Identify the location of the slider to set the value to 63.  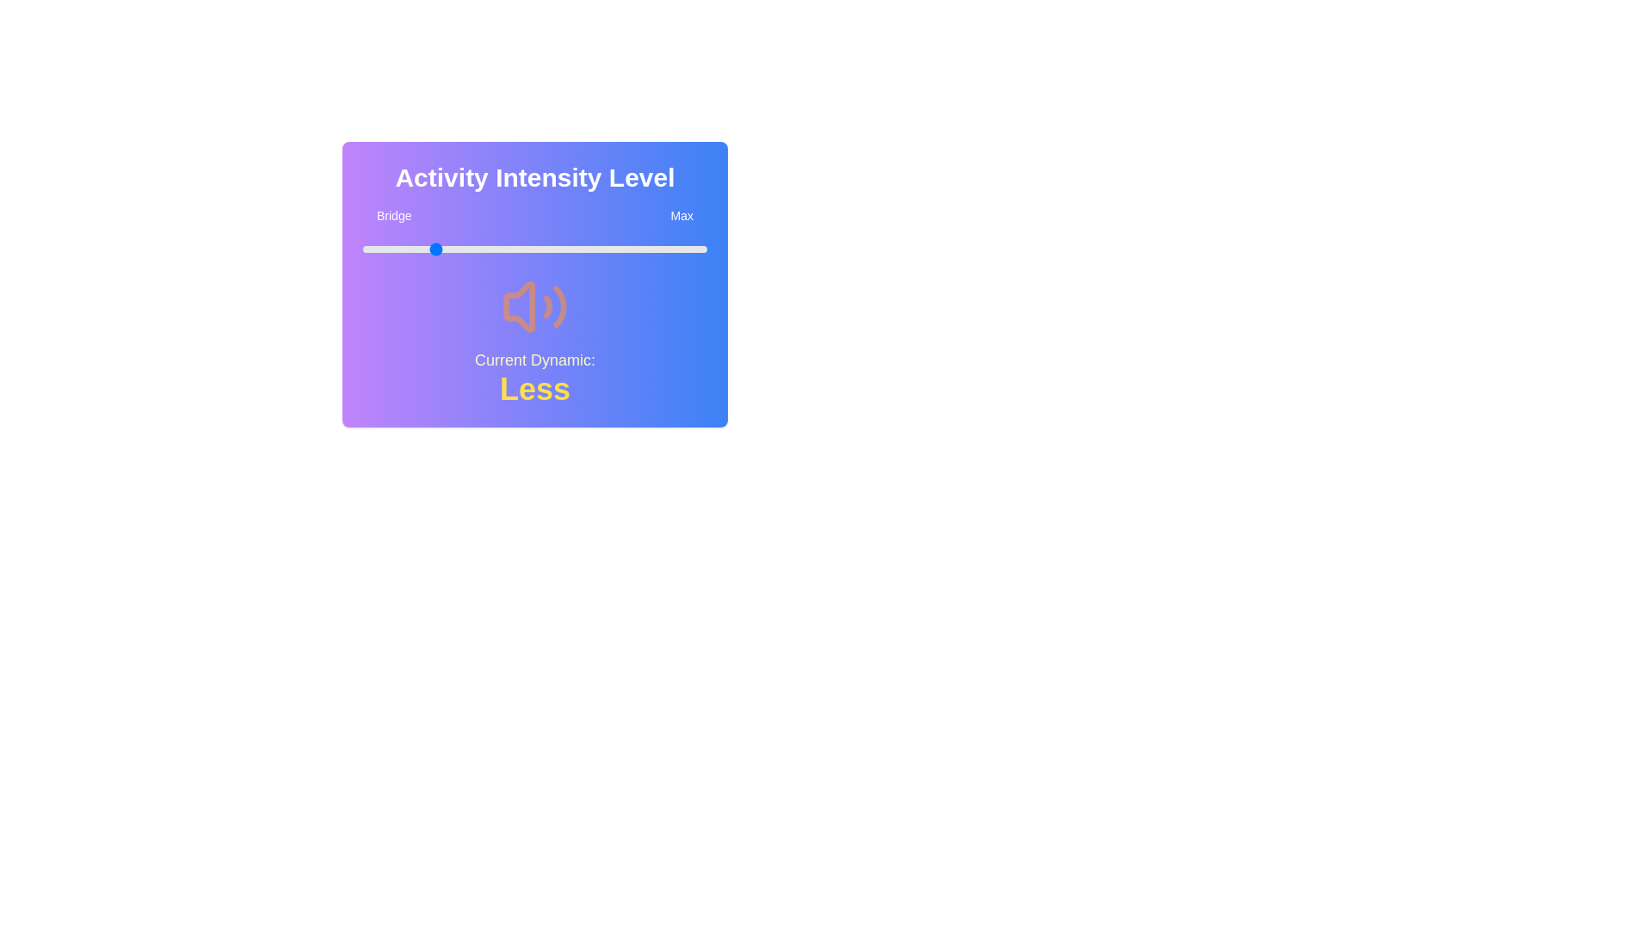
(579, 249).